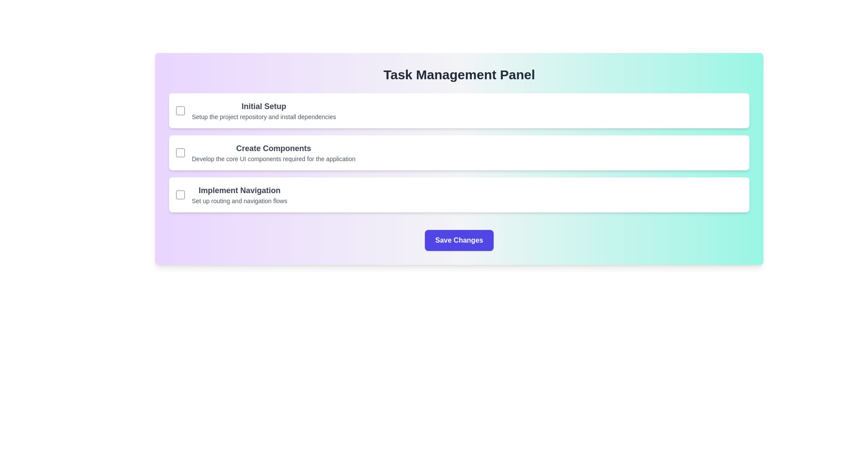  What do you see at coordinates (459, 240) in the screenshot?
I see `the save button located at the center-bottom area of the task management panel` at bounding box center [459, 240].